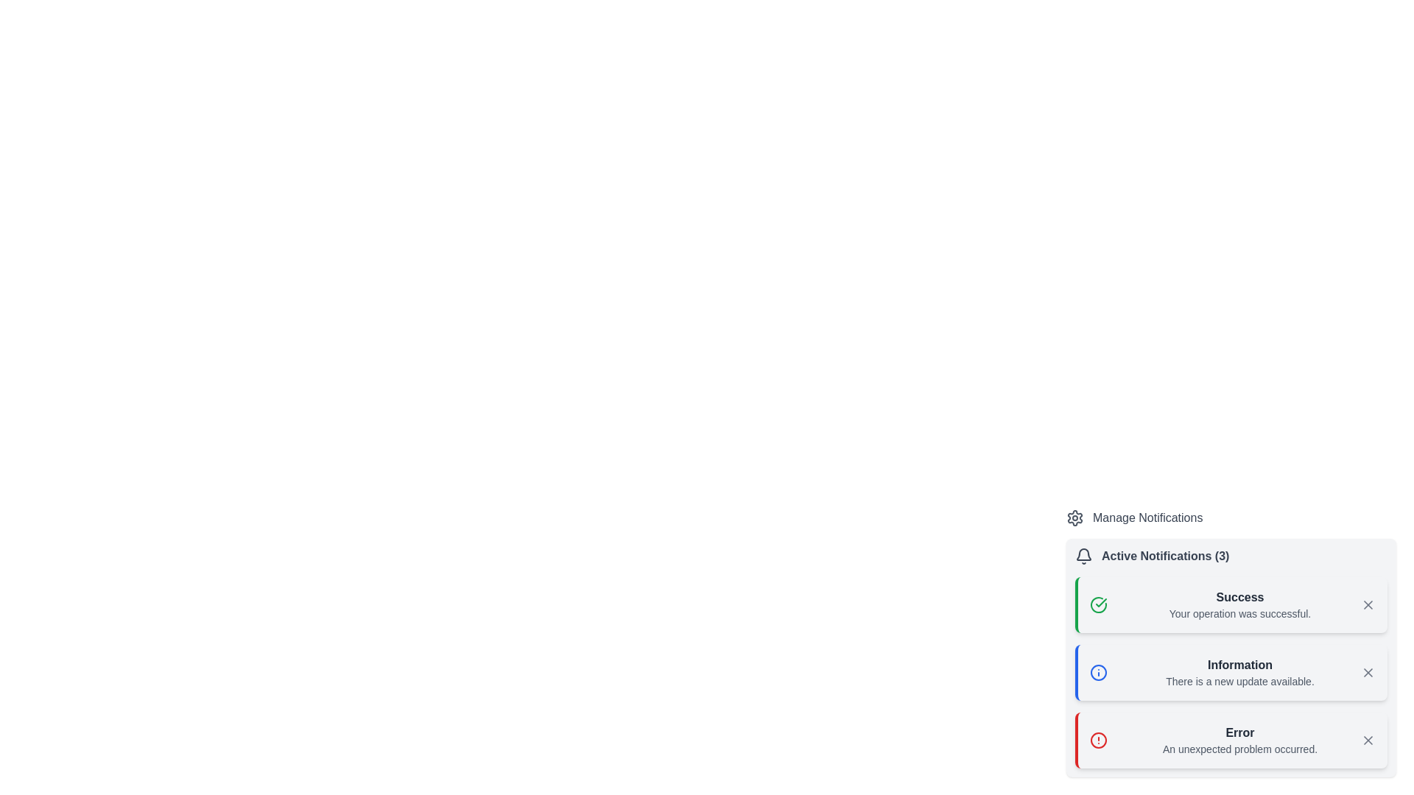 The image size is (1414, 795). I want to click on the cogwheel icon located to the left of the 'Manage Notifications' text, so click(1074, 517).